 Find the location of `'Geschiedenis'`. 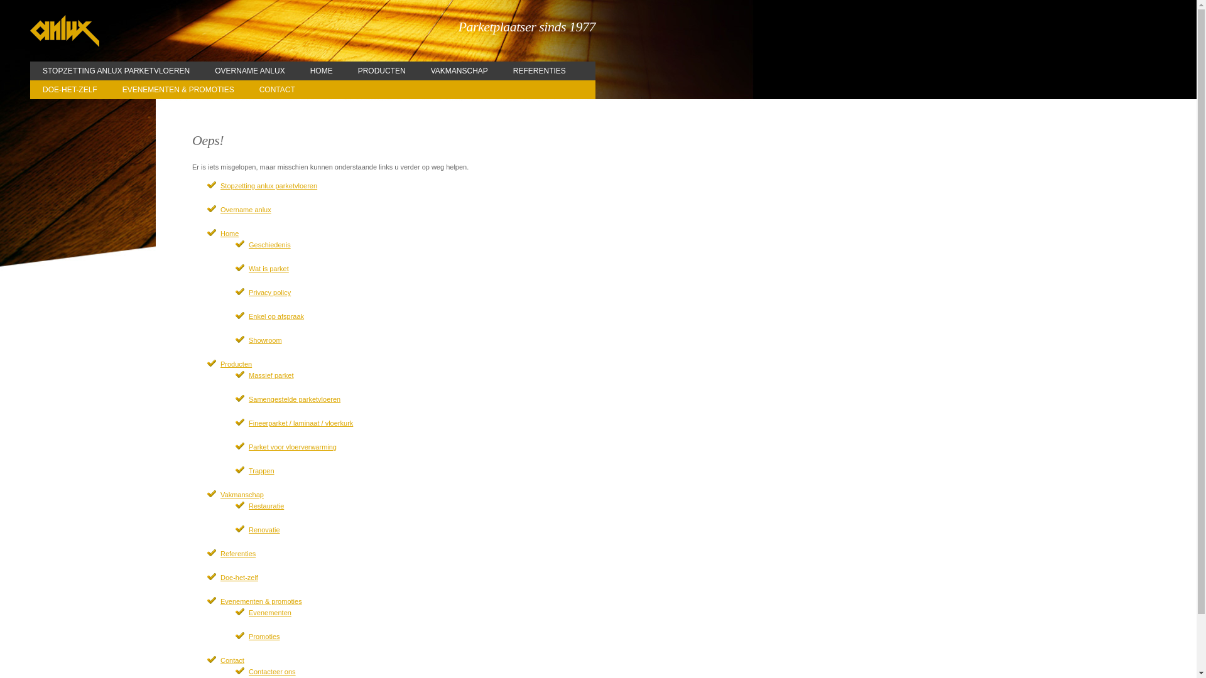

'Geschiedenis' is located at coordinates (269, 244).